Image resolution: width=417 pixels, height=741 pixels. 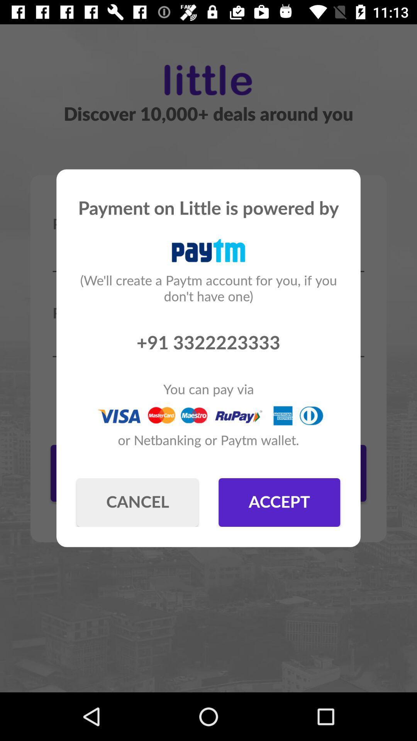 What do you see at coordinates (279, 502) in the screenshot?
I see `app below the or netbanking or app` at bounding box center [279, 502].